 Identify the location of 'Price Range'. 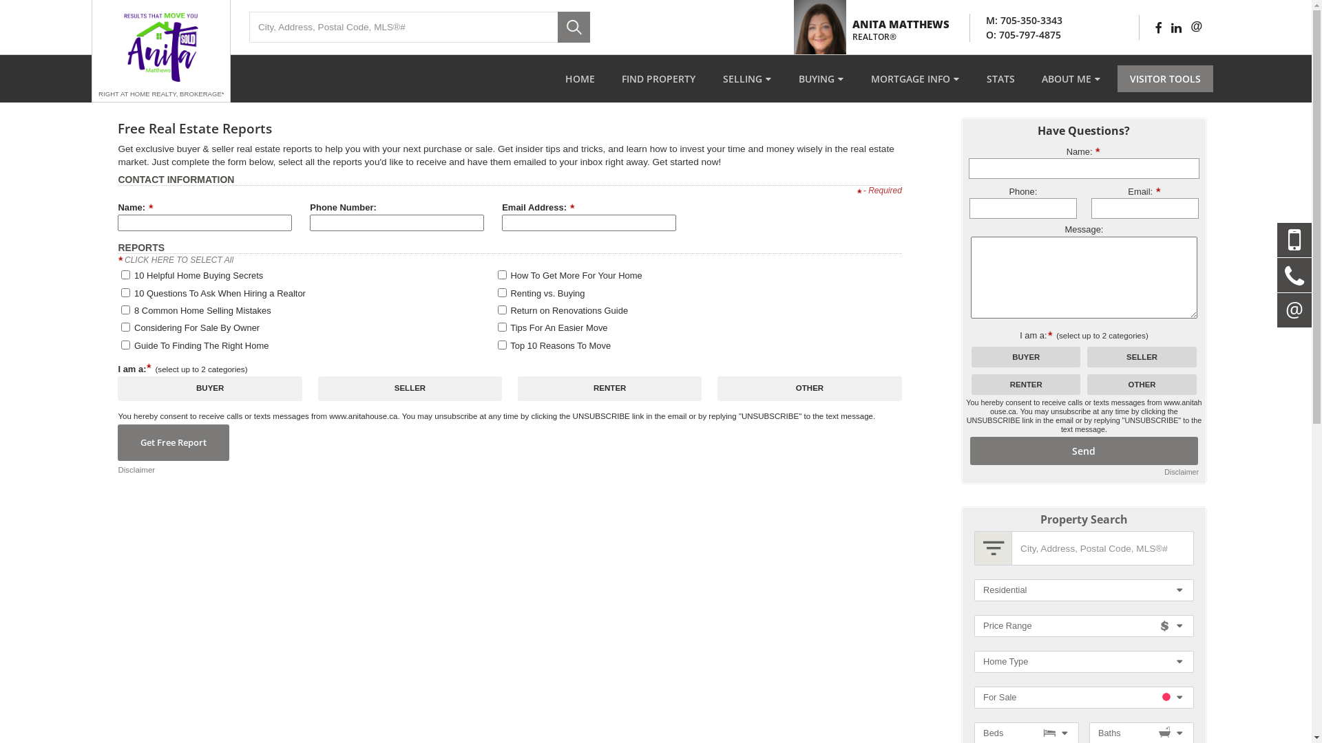
(1083, 626).